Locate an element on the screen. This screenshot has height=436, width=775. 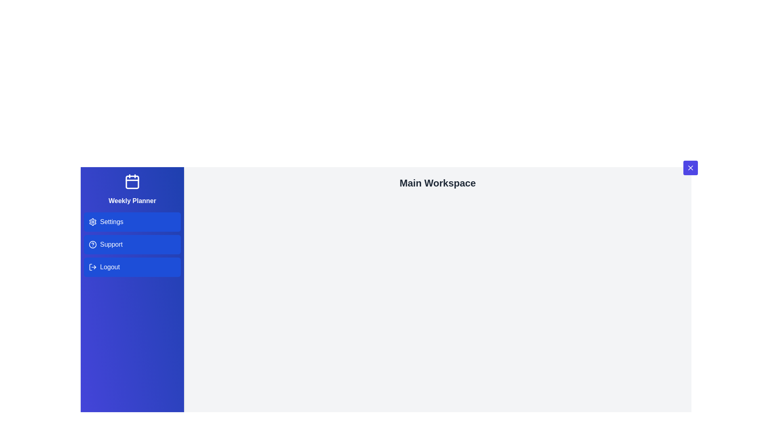
the 'Support' menu item to open the support section is located at coordinates (132, 244).